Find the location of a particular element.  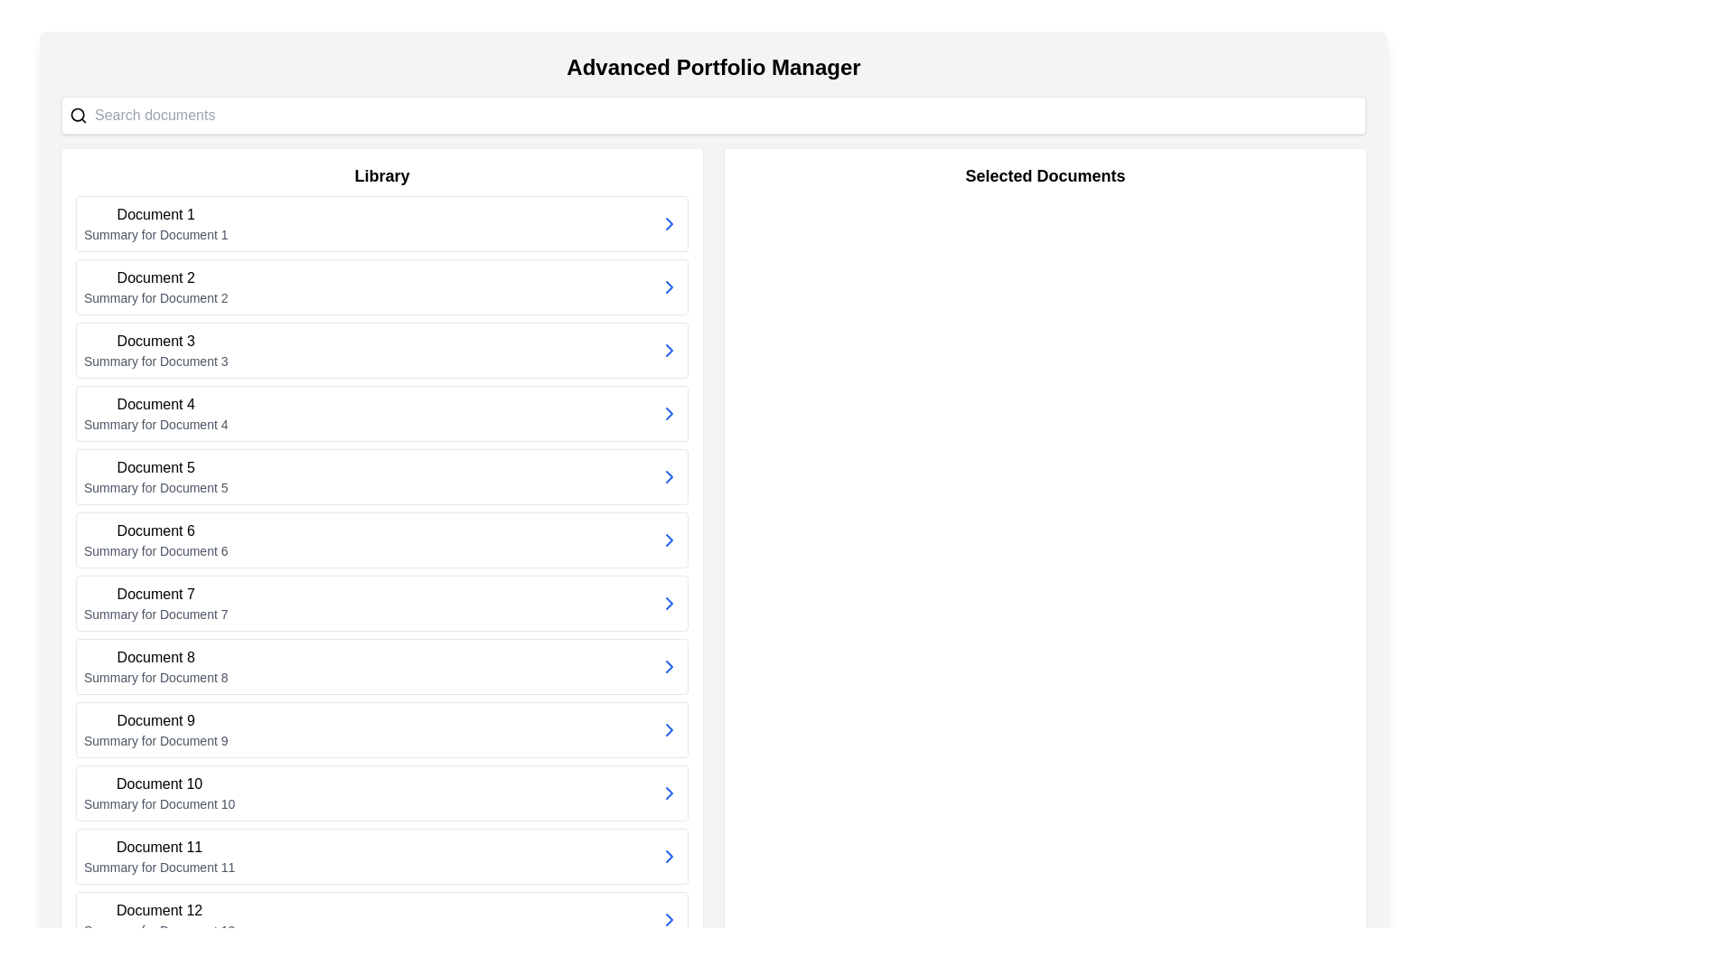

the fifth item in the Library section labeled 'Document 5' is located at coordinates (155, 476).